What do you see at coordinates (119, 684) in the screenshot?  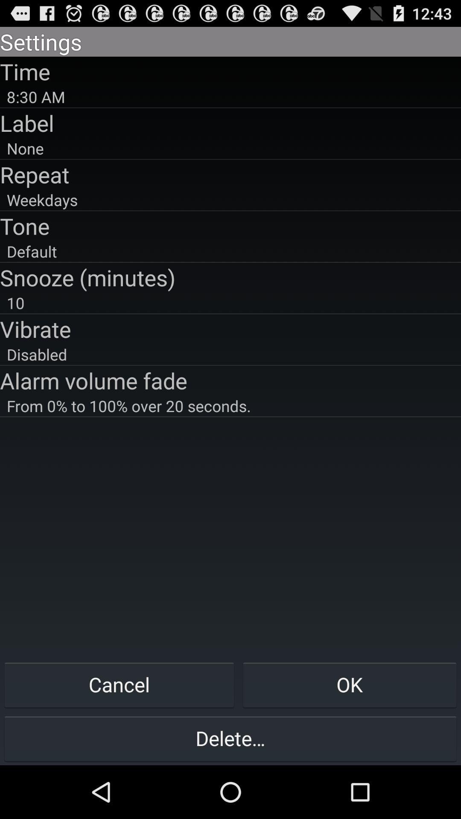 I see `the button to the left of ok` at bounding box center [119, 684].